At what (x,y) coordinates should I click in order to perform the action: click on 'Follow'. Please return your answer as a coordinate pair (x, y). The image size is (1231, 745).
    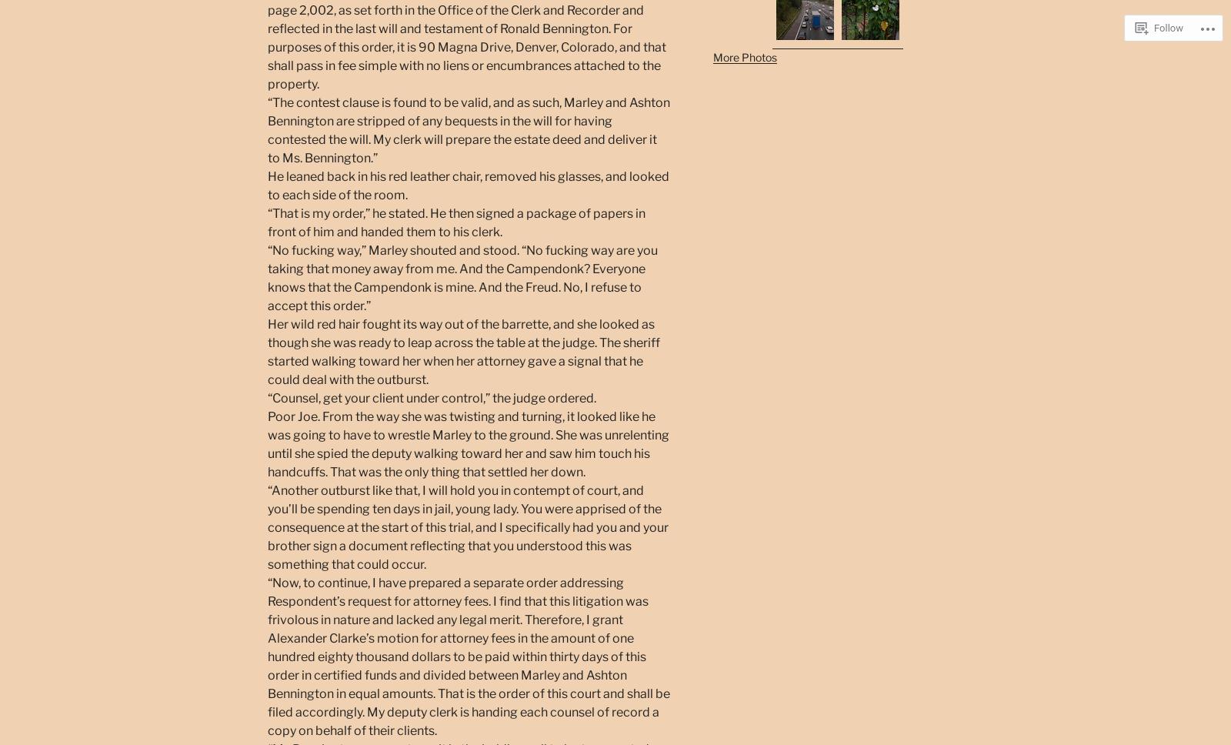
    Looking at the image, I should click on (1169, 28).